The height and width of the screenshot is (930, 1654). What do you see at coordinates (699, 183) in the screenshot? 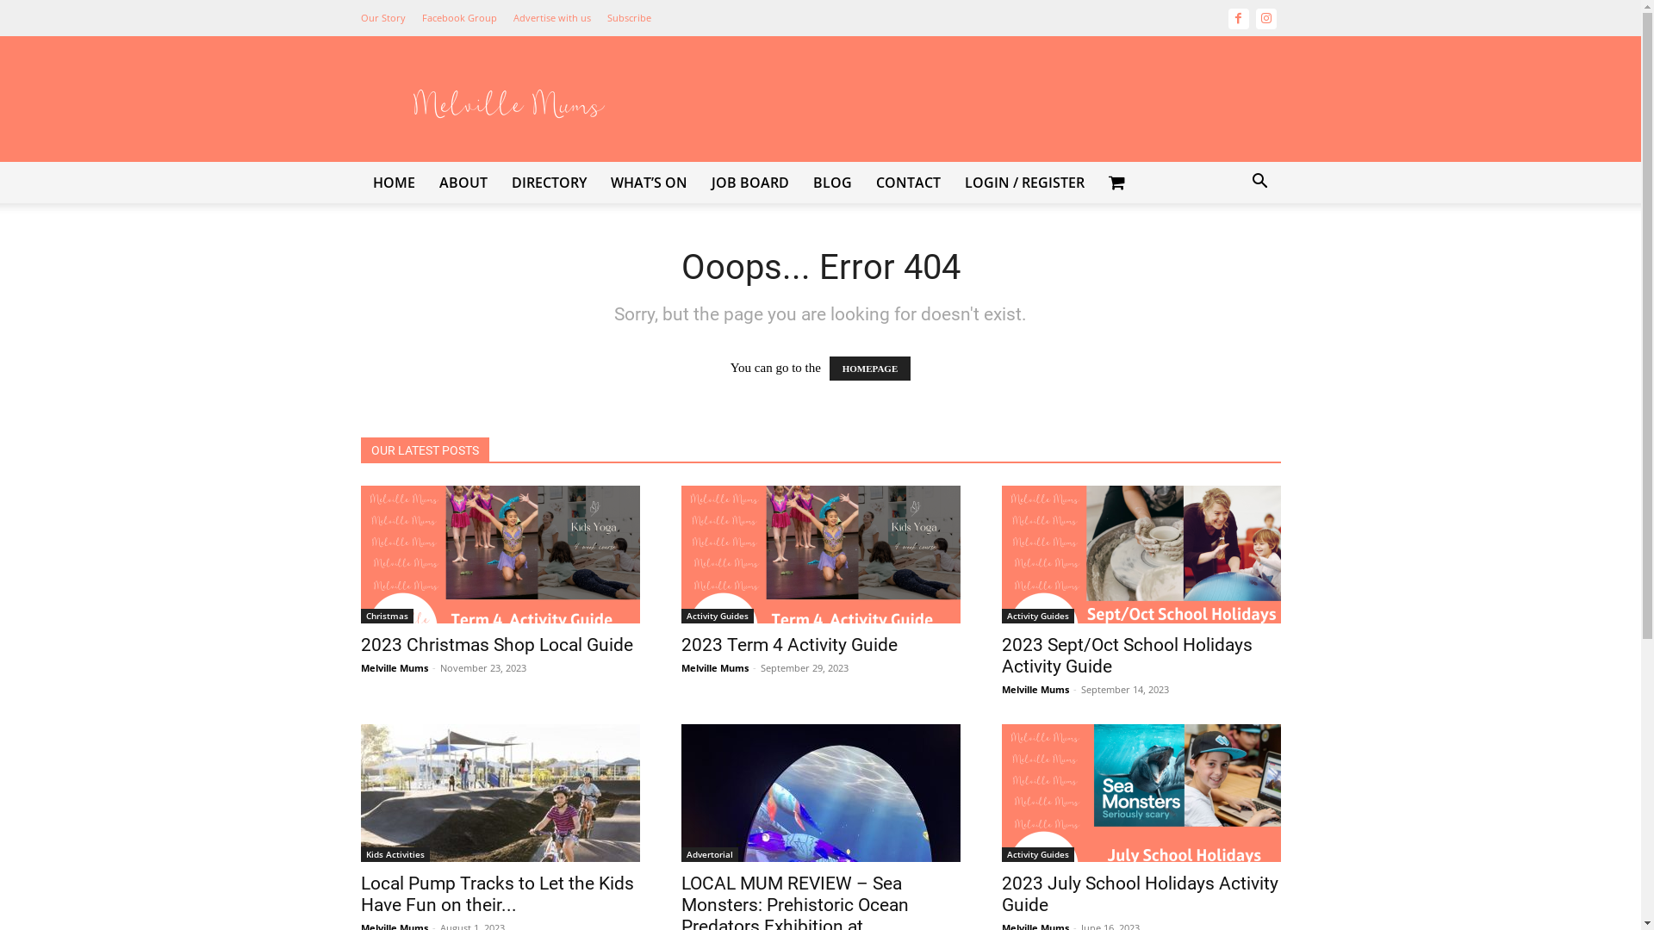
I see `'JOB BOARD'` at bounding box center [699, 183].